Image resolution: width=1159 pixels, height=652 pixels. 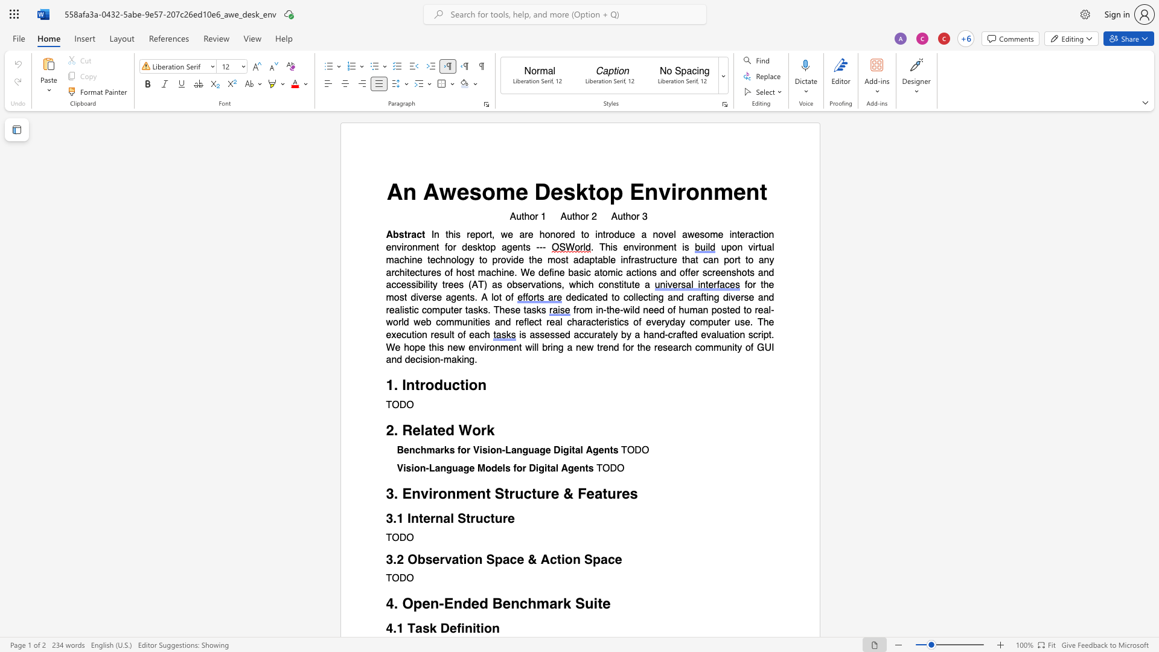 What do you see at coordinates (404, 385) in the screenshot?
I see `the 1th character "I" in the text` at bounding box center [404, 385].